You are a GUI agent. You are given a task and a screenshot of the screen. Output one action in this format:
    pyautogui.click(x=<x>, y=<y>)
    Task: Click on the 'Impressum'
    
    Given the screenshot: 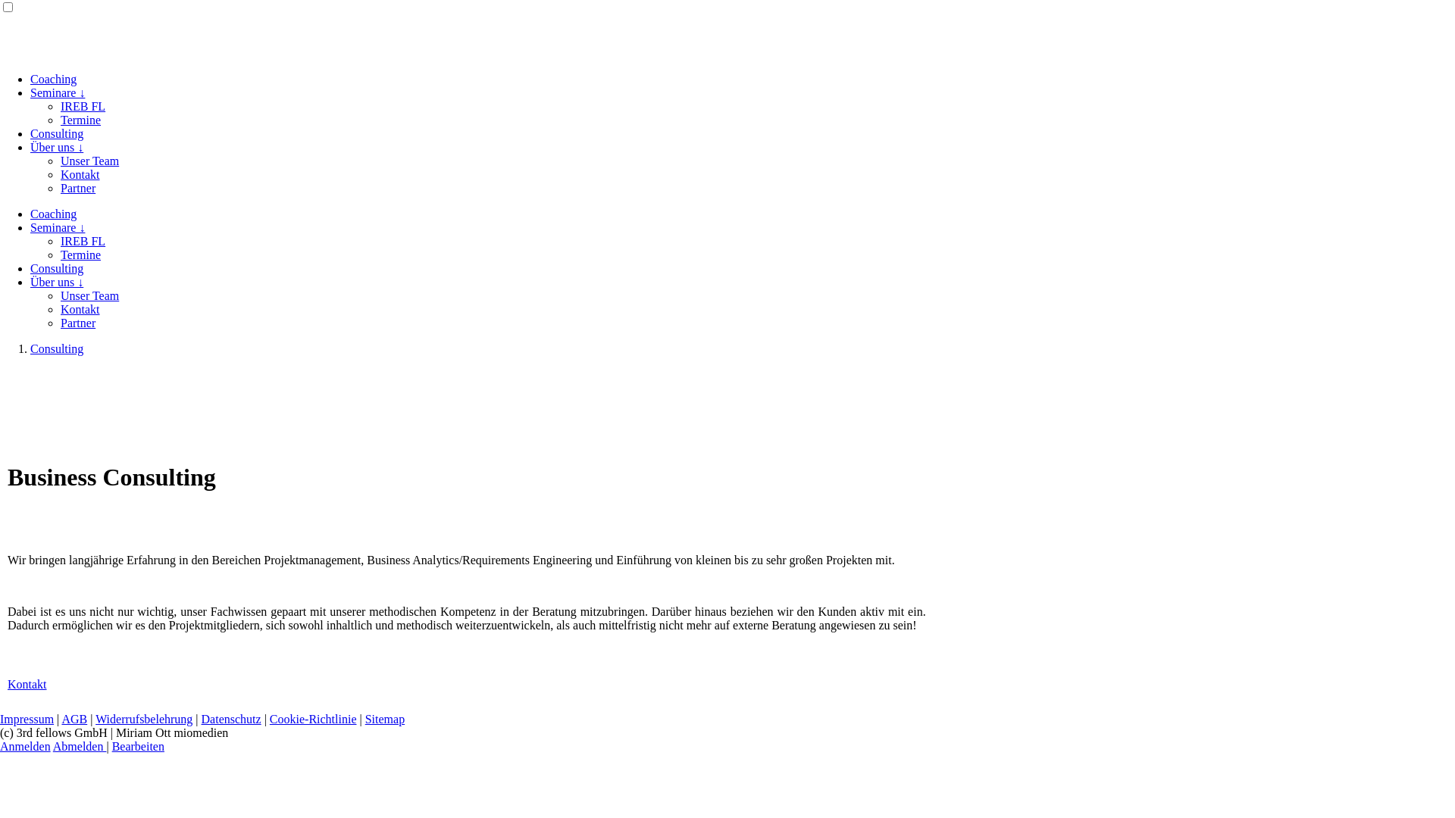 What is the action you would take?
    pyautogui.click(x=27, y=718)
    